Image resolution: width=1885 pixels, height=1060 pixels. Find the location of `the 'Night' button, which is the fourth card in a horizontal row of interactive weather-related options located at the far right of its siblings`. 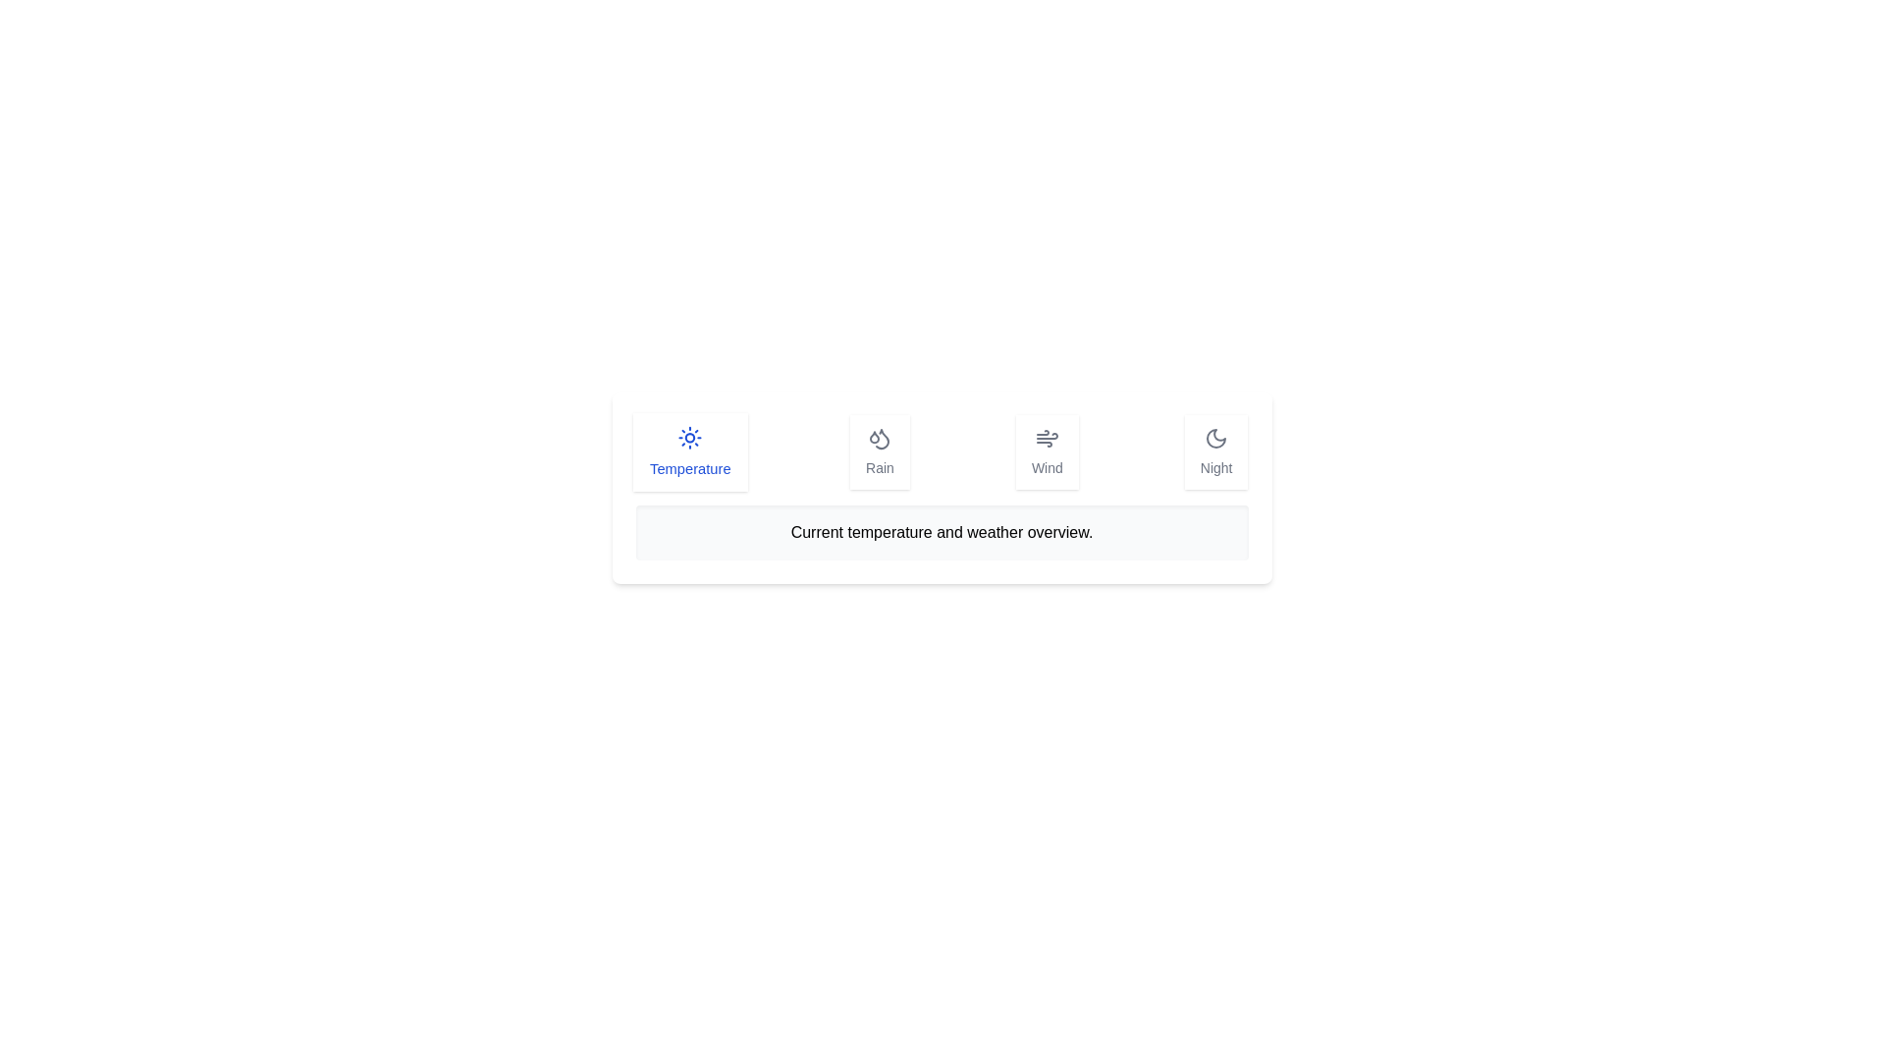

the 'Night' button, which is the fourth card in a horizontal row of interactive weather-related options located at the far right of its siblings is located at coordinates (1215, 452).